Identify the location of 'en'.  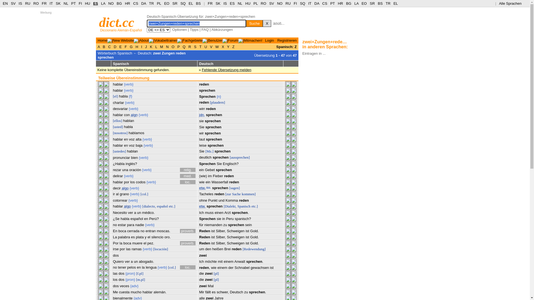
(125, 139).